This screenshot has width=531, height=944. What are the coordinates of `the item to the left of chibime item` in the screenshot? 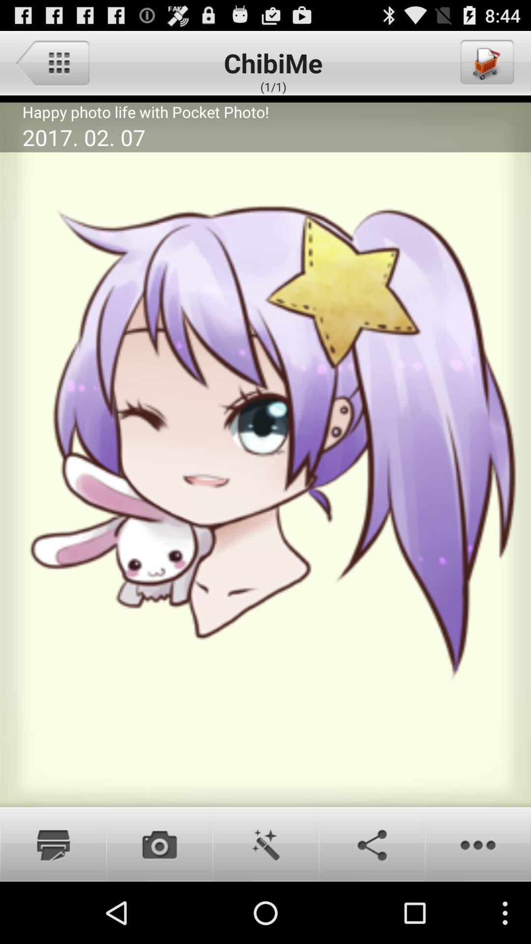 It's located at (52, 62).